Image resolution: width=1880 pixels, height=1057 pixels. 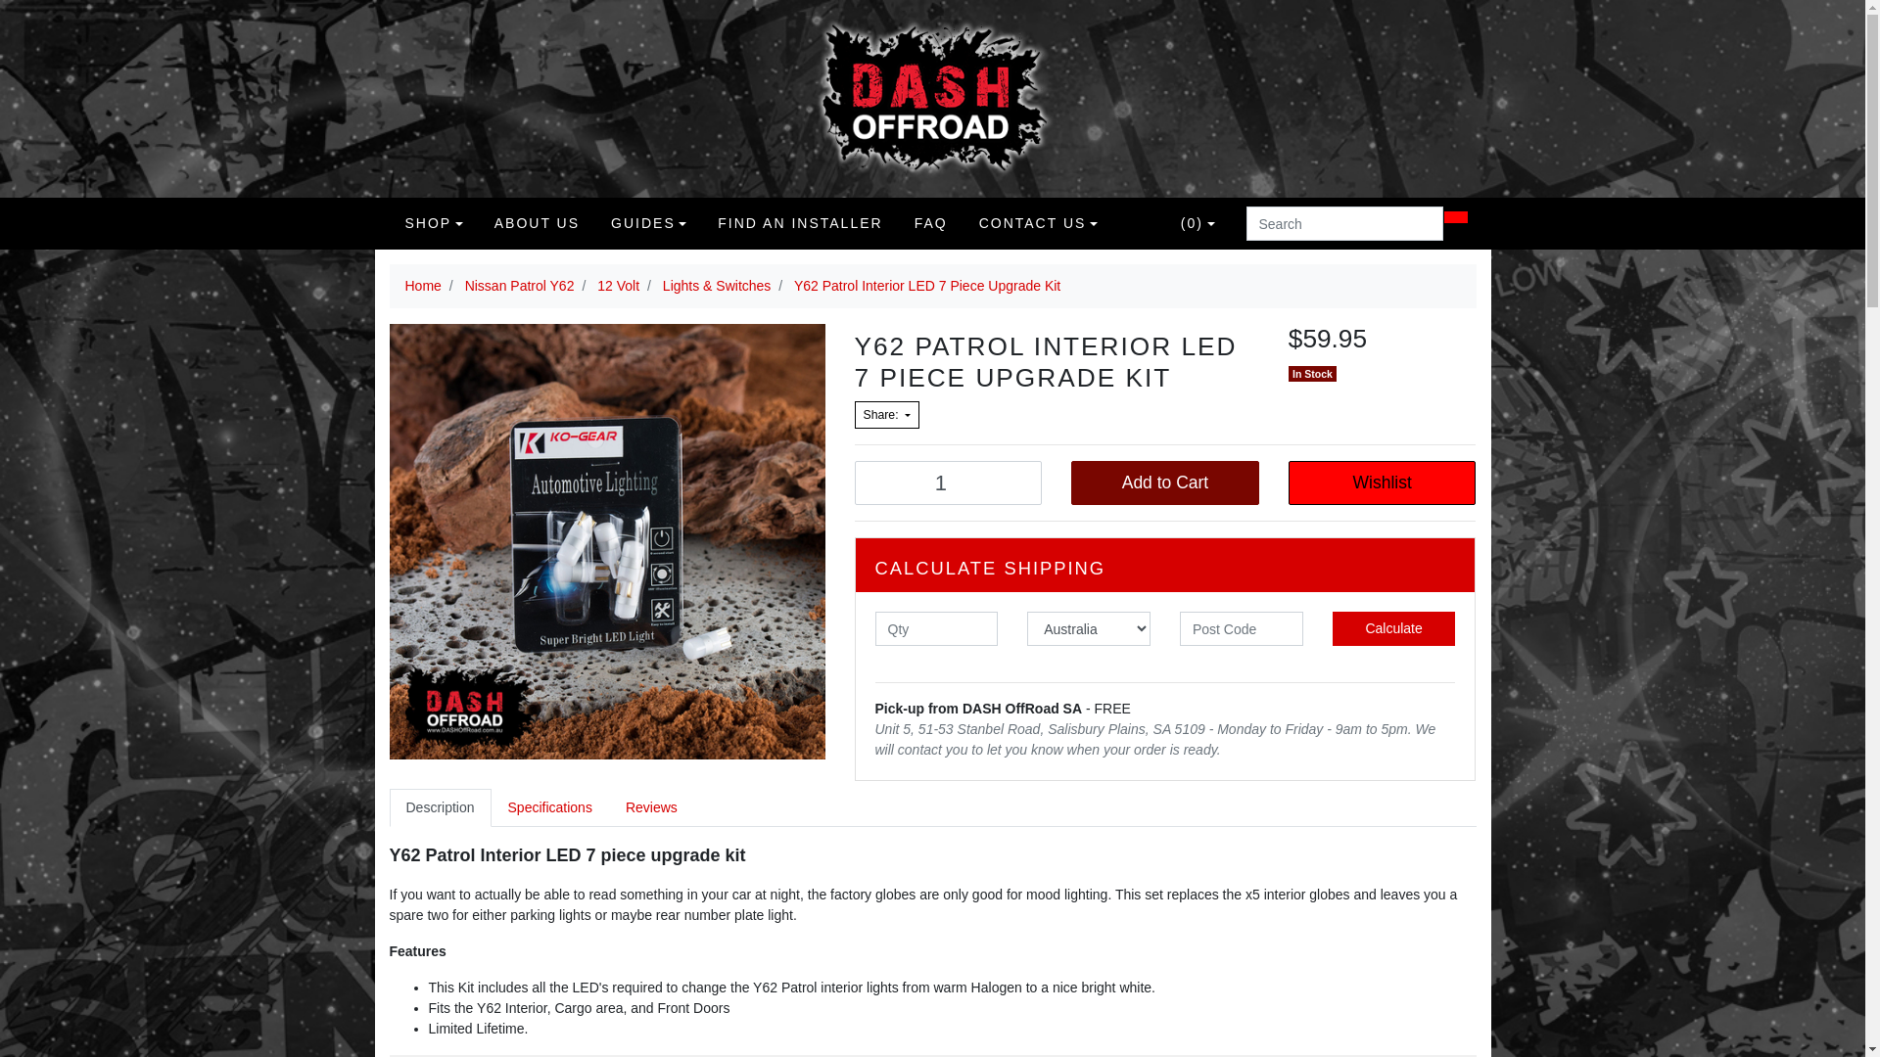 I want to click on 'ABOUT US', so click(x=537, y=222).